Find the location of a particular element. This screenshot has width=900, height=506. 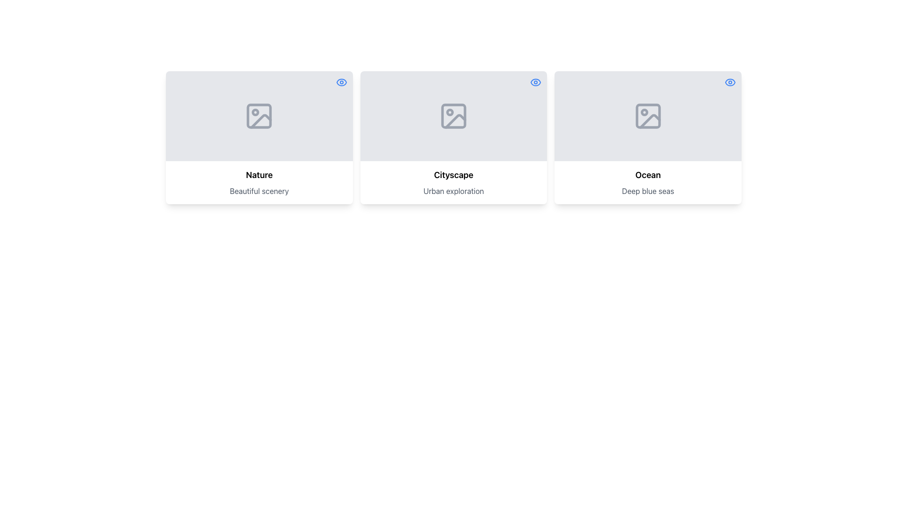

the icon located in the upper half of the left-most card that symbolizes content or categories related to images or scenery is located at coordinates (261, 121).